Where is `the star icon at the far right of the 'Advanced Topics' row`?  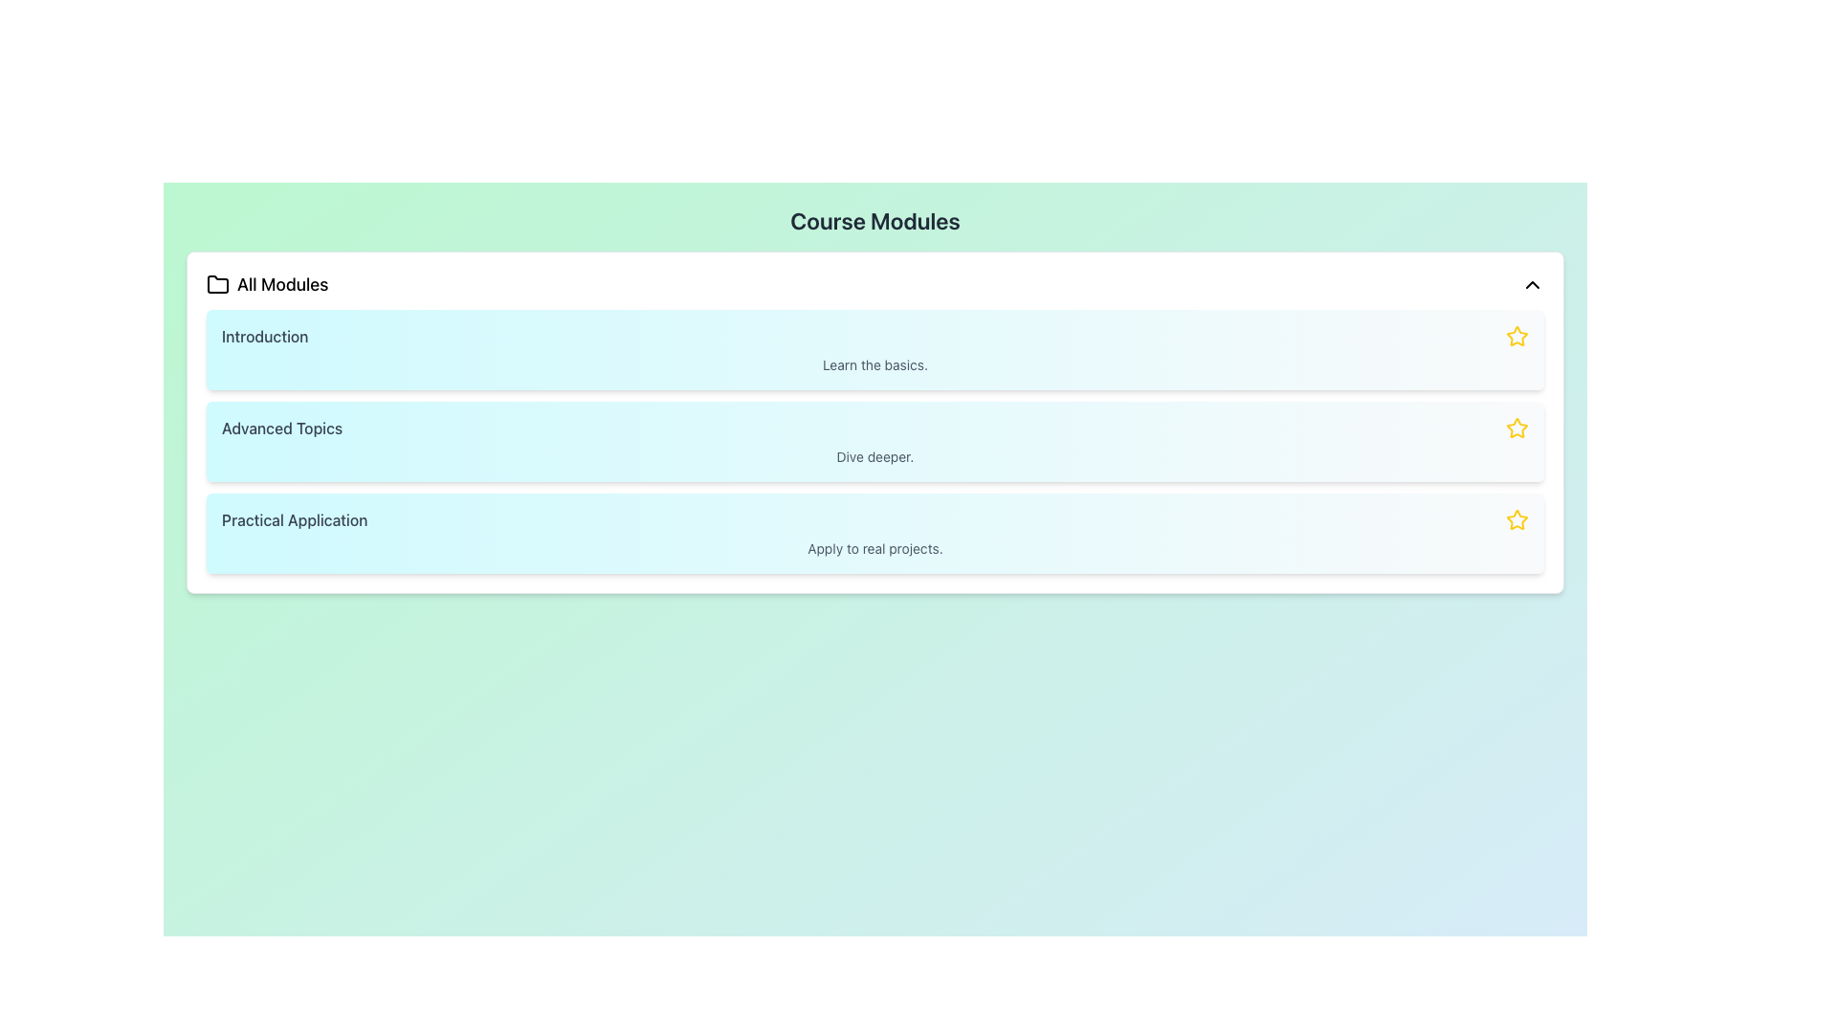 the star icon at the far right of the 'Advanced Topics' row is located at coordinates (1516, 427).